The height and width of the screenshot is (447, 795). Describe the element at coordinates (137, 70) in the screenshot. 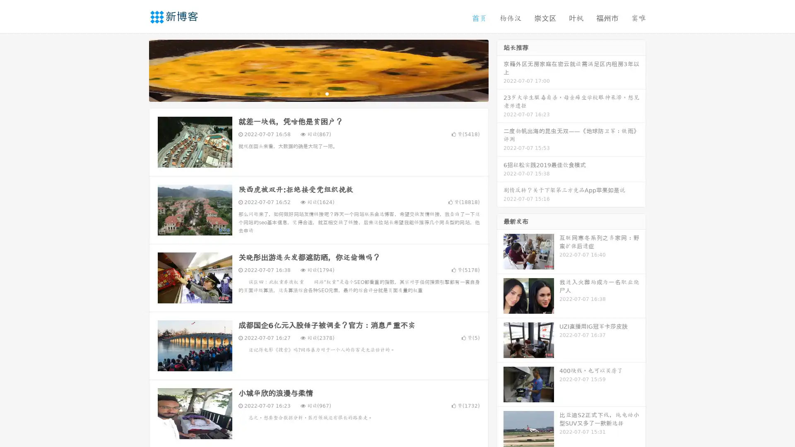

I see `Previous slide` at that location.